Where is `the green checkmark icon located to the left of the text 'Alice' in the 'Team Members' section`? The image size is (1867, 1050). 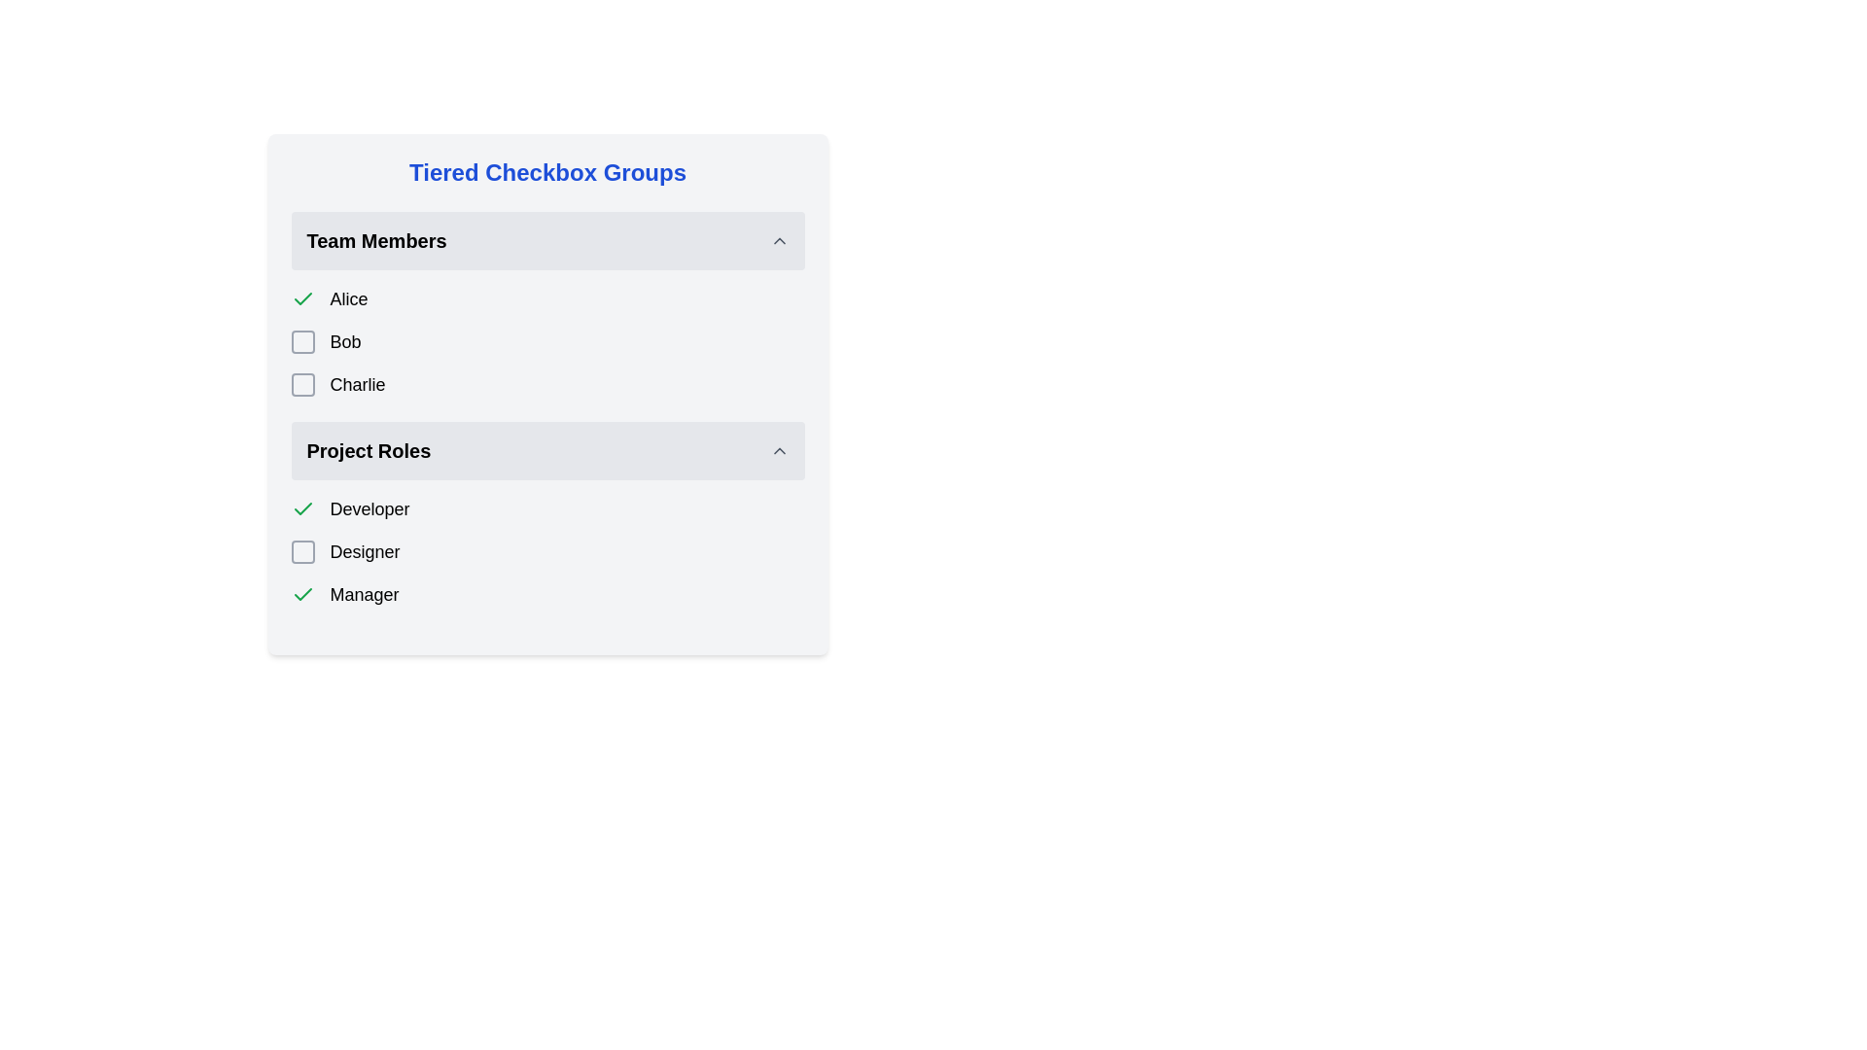
the green checkmark icon located to the left of the text 'Alice' in the 'Team Members' section is located at coordinates (301, 299).